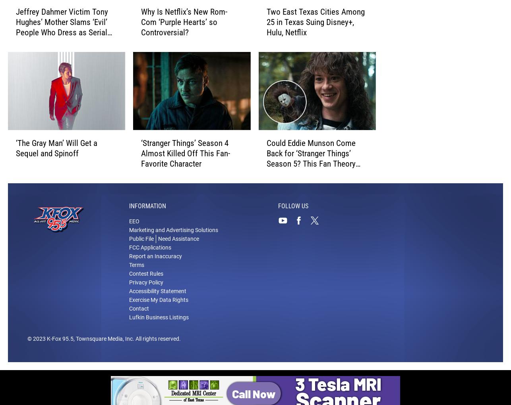  Describe the element at coordinates (39, 339) in the screenshot. I see `'2023'` at that location.